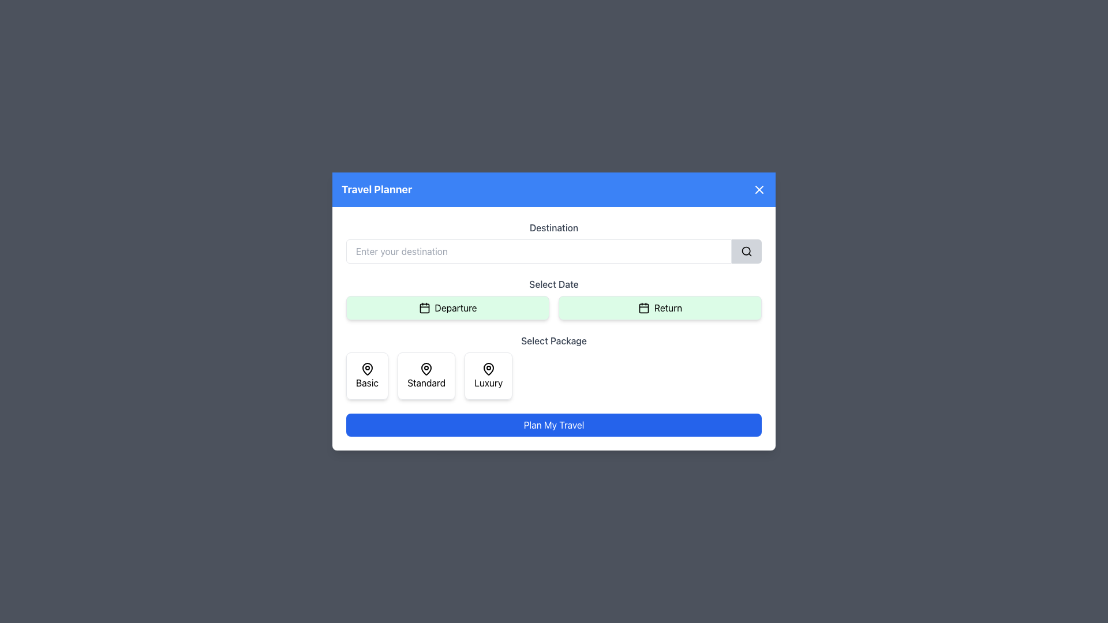 This screenshot has width=1108, height=623. I want to click on the 'Basic' package card in the 'Select Package' section, so click(366, 376).